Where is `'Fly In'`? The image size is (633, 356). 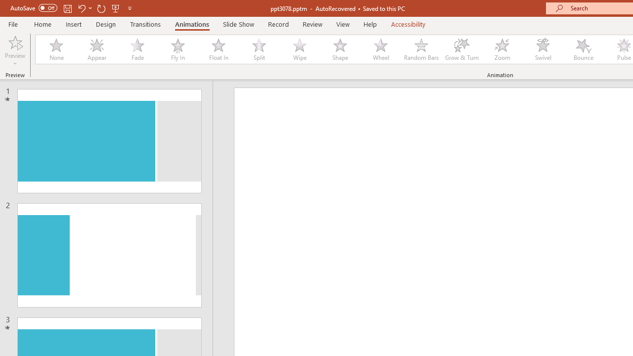 'Fly In' is located at coordinates (178, 49).